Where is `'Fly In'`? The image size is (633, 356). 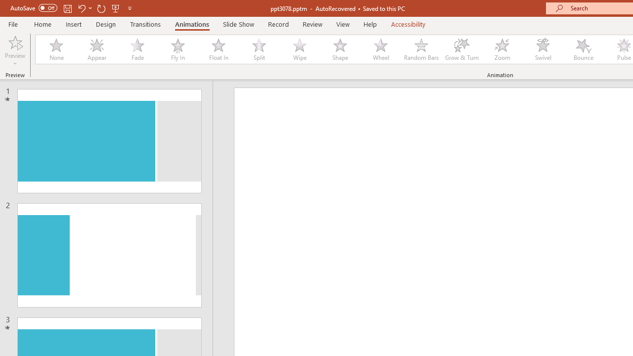 'Fly In' is located at coordinates (178, 49).